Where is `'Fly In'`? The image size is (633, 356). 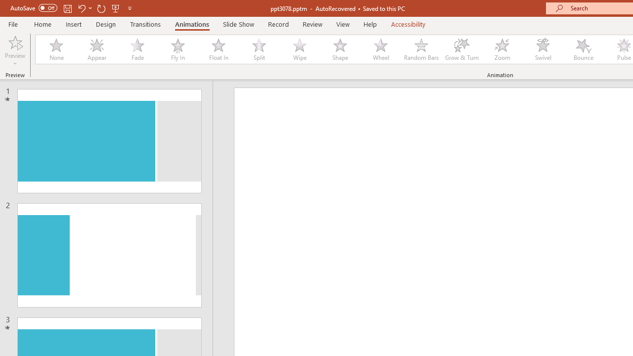 'Fly In' is located at coordinates (178, 49).